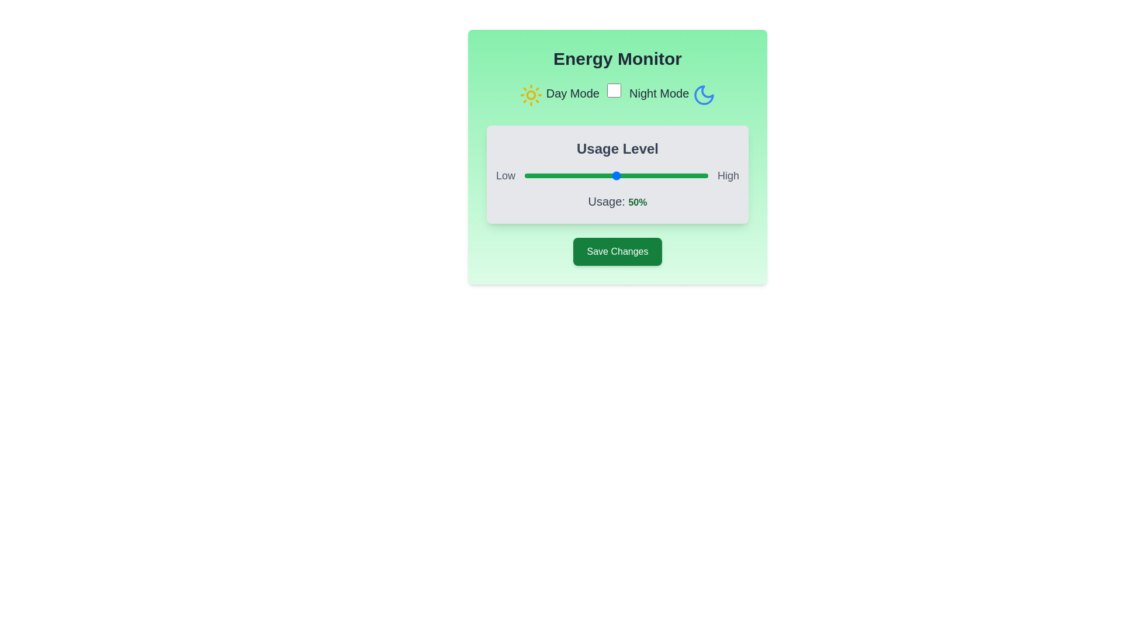  What do you see at coordinates (617, 251) in the screenshot?
I see `the 'Save Changes' button, which has a green background and white text` at bounding box center [617, 251].